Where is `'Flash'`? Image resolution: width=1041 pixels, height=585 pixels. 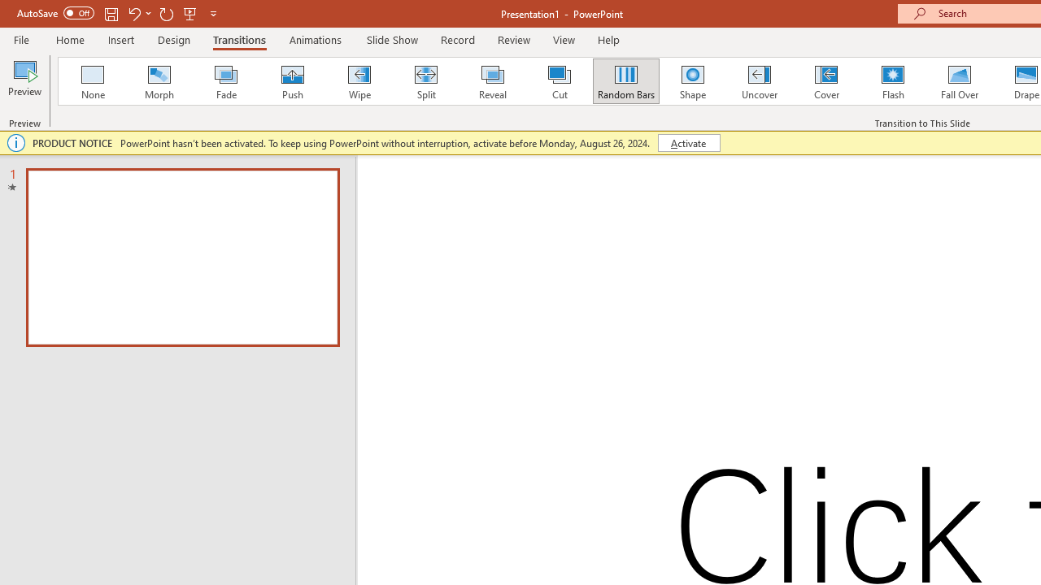
'Flash' is located at coordinates (892, 81).